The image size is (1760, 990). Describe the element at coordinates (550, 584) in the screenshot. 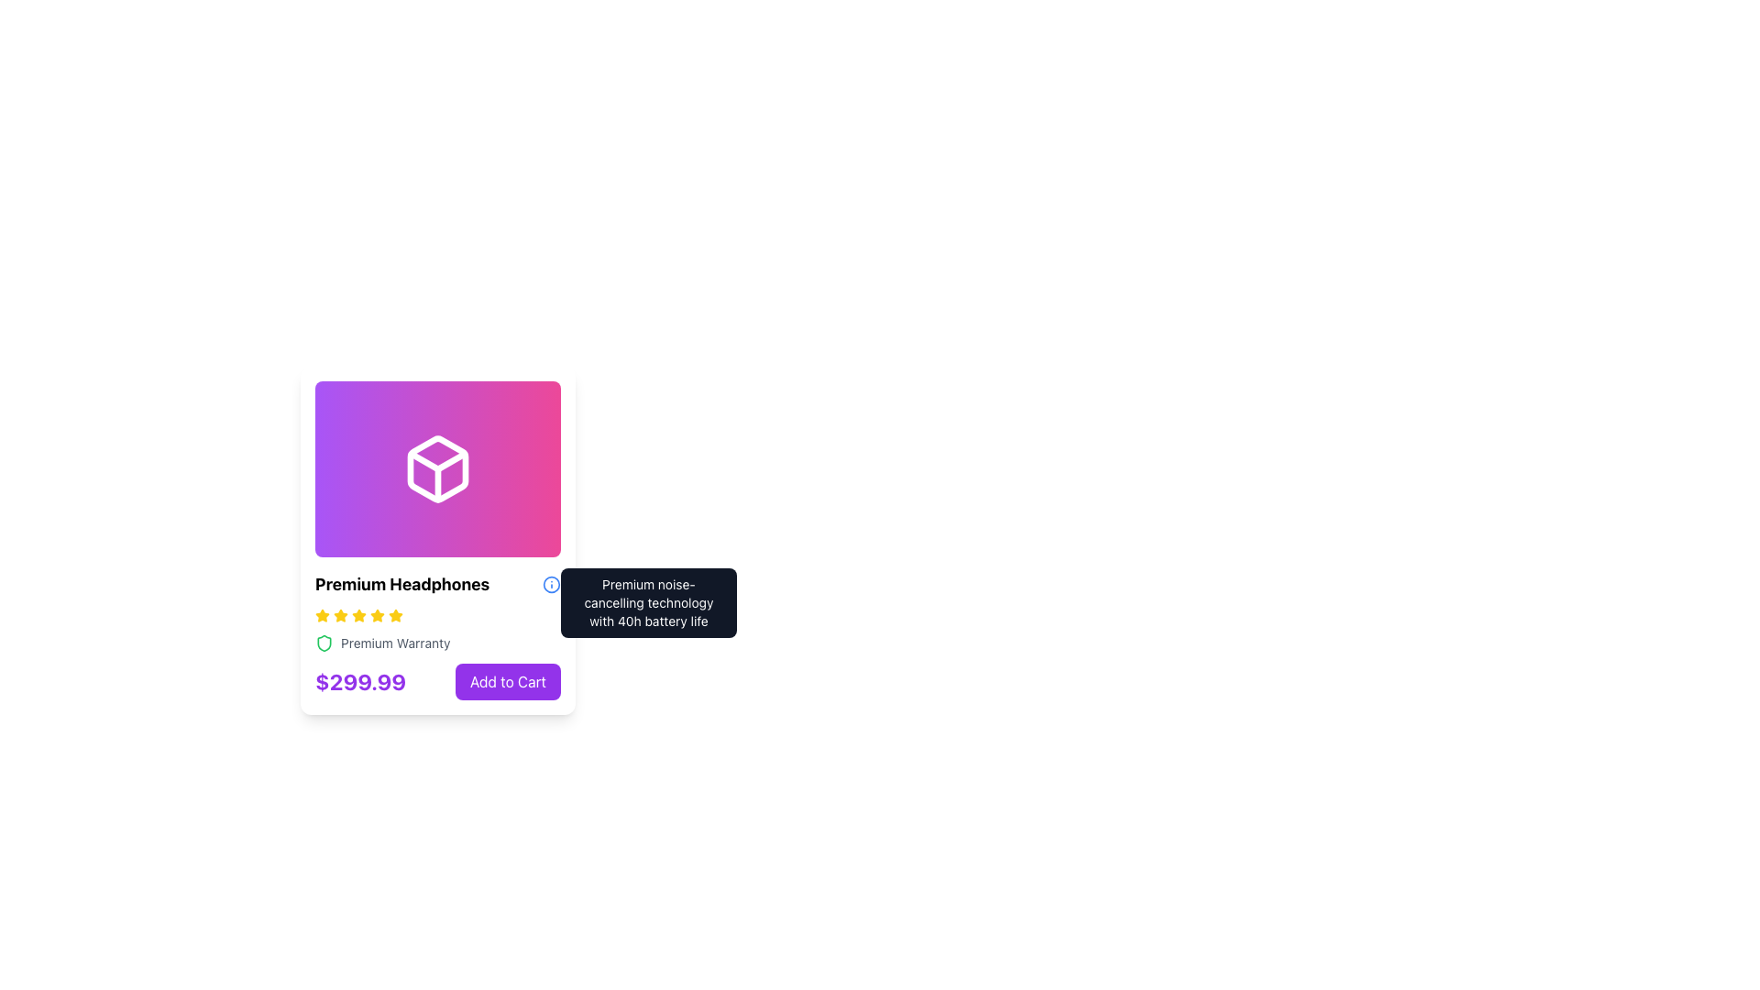

I see `the small circular icon with an 'information' symbol in blue color, located to the right of the 'Premium Headphones' text` at that location.